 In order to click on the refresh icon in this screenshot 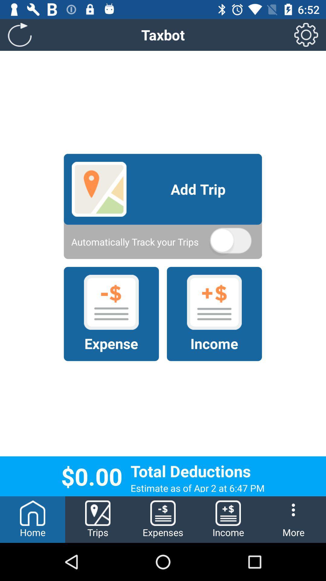, I will do `click(19, 34)`.